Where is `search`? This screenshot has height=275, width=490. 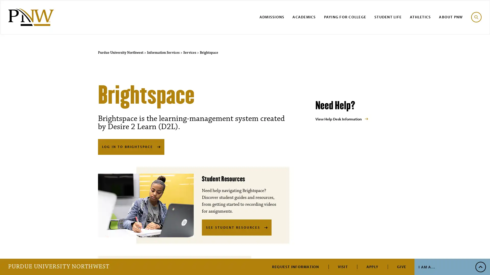
search is located at coordinates (476, 17).